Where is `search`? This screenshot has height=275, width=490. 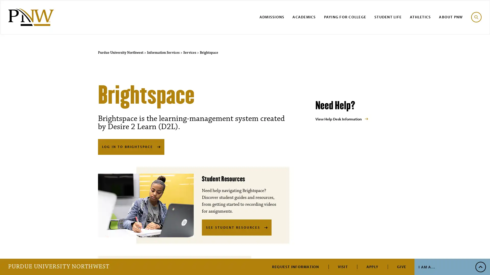
search is located at coordinates (476, 17).